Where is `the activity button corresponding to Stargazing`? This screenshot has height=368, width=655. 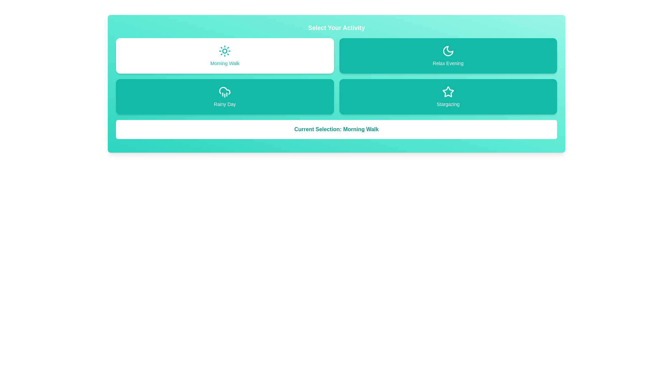
the activity button corresponding to Stargazing is located at coordinates (448, 97).